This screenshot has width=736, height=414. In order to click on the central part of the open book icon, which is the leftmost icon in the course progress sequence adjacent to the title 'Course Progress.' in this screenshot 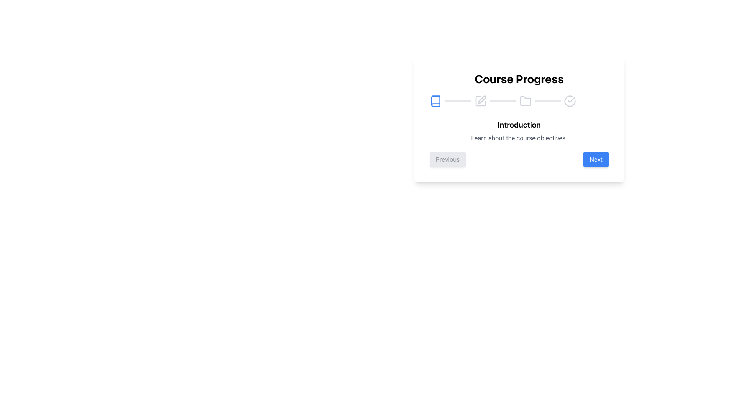, I will do `click(436, 100)`.